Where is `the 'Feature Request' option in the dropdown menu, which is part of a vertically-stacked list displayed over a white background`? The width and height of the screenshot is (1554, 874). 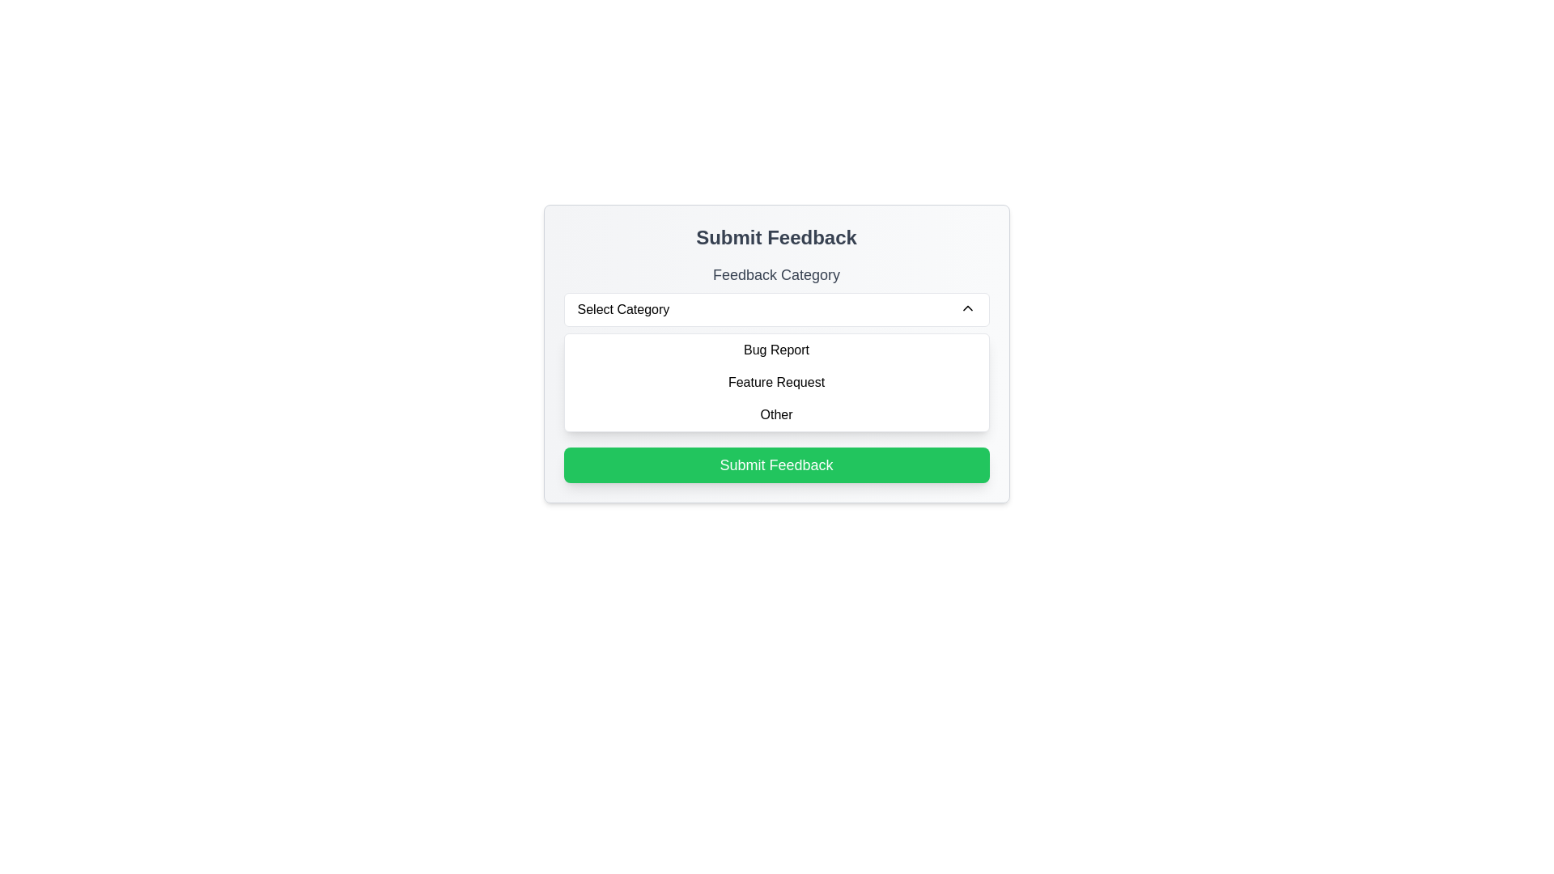 the 'Feature Request' option in the dropdown menu, which is part of a vertically-stacked list displayed over a white background is located at coordinates (775, 383).